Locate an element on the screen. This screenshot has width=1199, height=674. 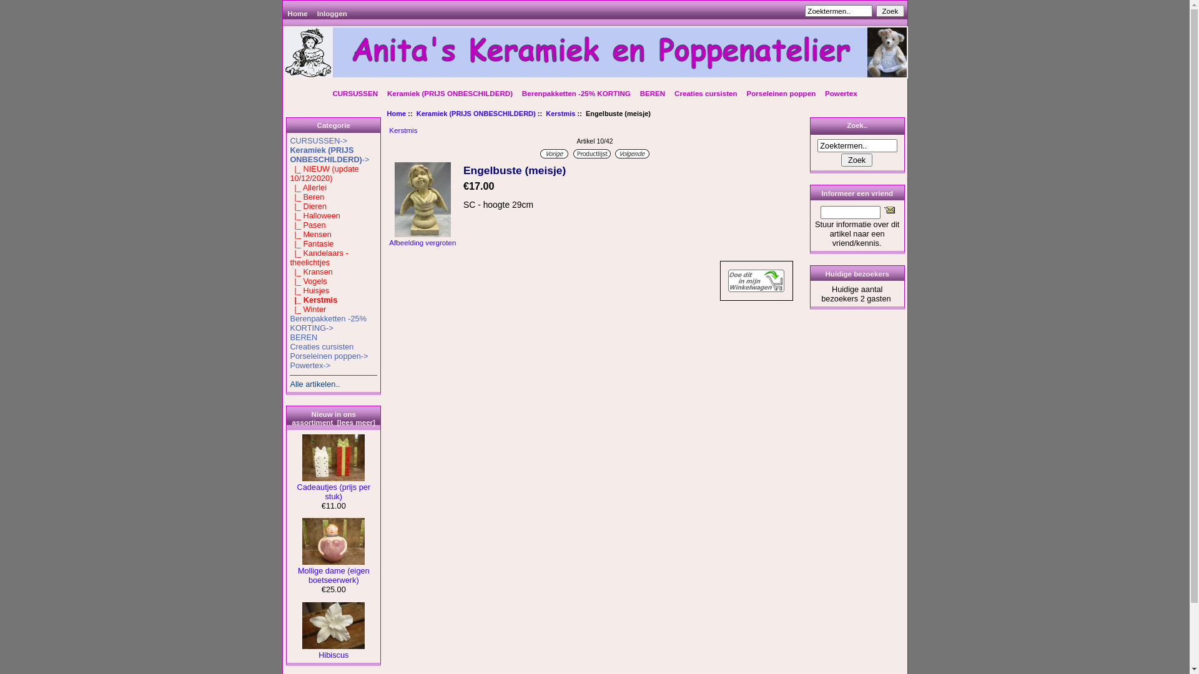
'Keramiek (PRIJS ONBESCHILDERD)->' is located at coordinates (329, 154).